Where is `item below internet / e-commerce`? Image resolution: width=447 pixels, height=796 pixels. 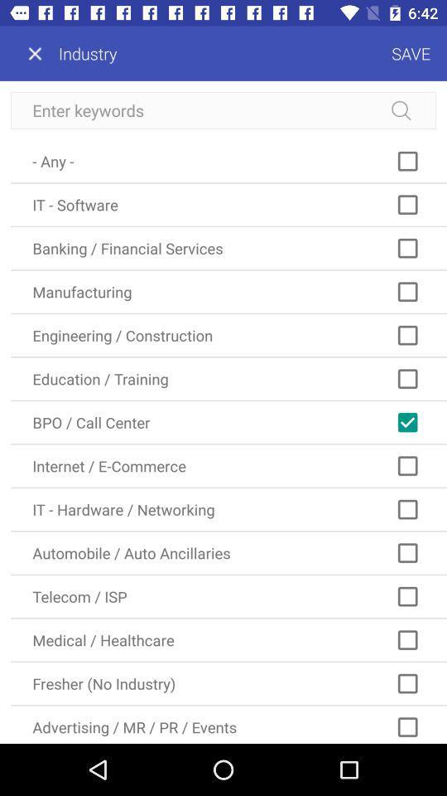 item below internet / e-commerce is located at coordinates (228, 508).